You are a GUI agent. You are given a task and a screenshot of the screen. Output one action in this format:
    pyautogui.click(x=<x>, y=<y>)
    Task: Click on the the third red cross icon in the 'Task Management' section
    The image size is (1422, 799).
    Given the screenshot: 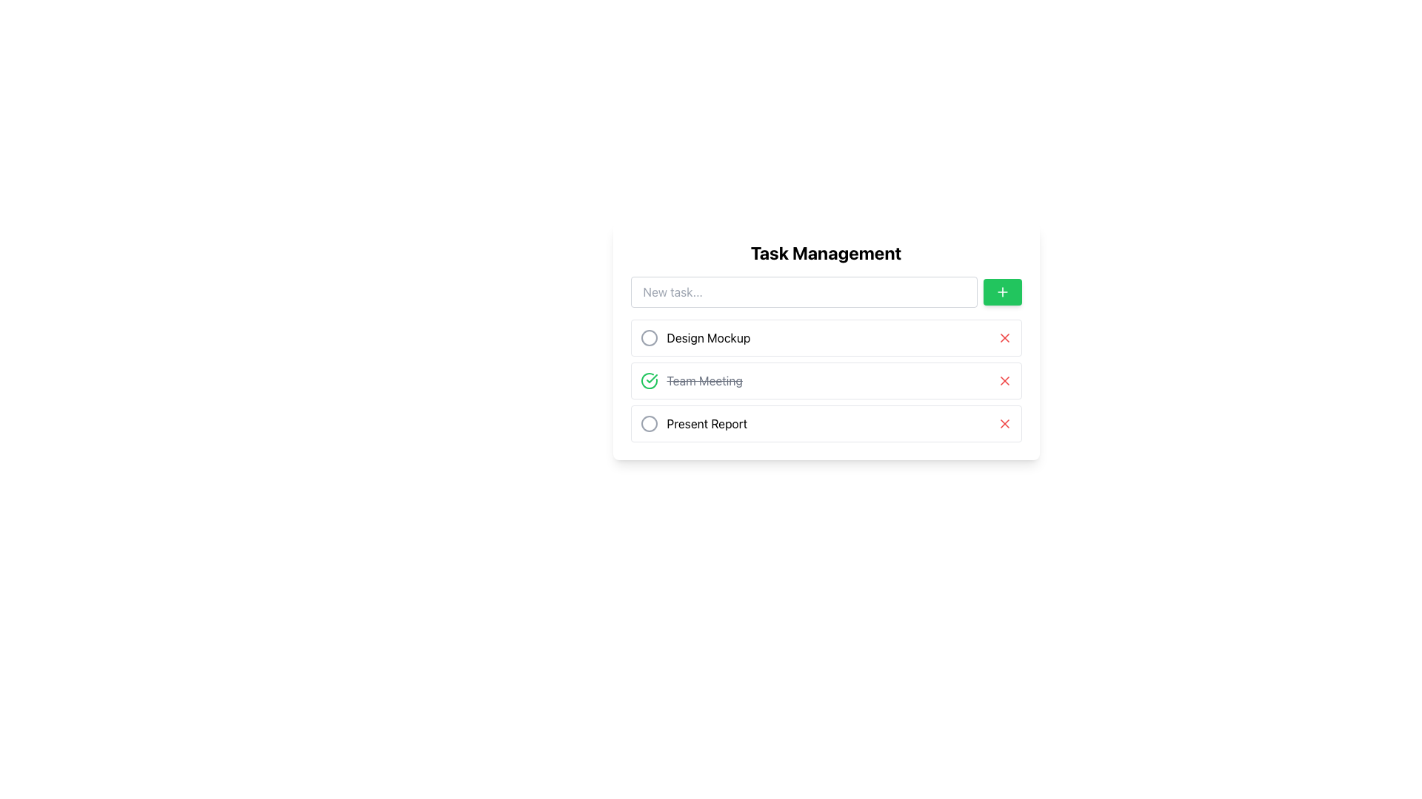 What is the action you would take?
    pyautogui.click(x=1004, y=424)
    